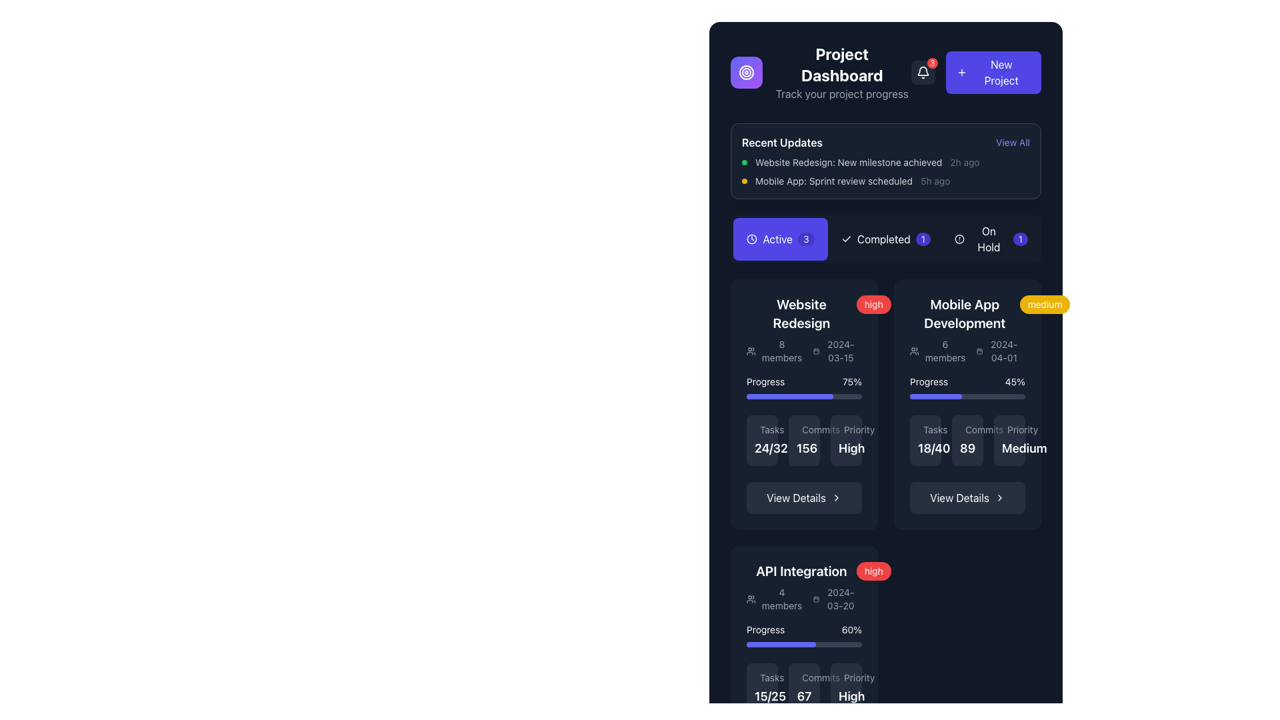 This screenshot has height=720, width=1280. Describe the element at coordinates (841, 93) in the screenshot. I see `the descriptive Text label located beneath the 'Project Dashboard' title, which provides context for the section` at that location.